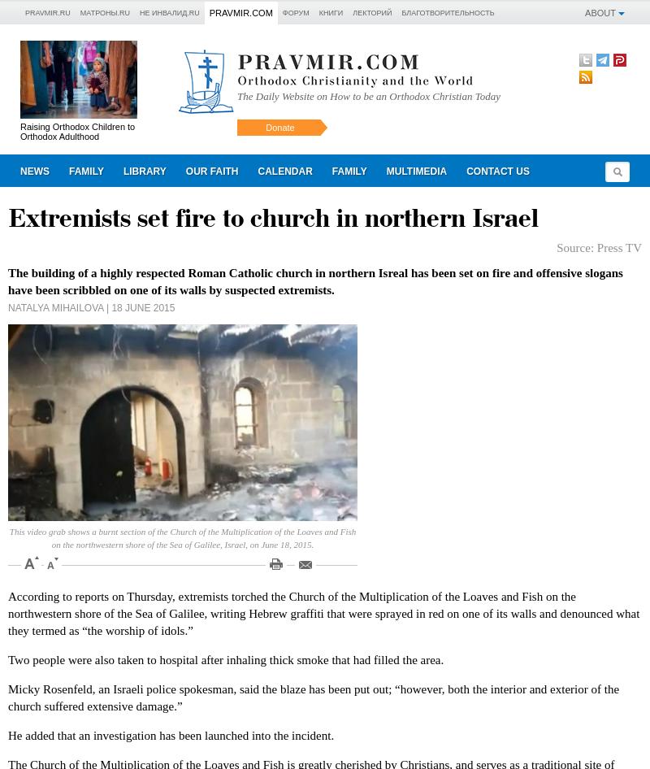 This screenshot has height=769, width=650. I want to click on 'Press TV', so click(619, 246).